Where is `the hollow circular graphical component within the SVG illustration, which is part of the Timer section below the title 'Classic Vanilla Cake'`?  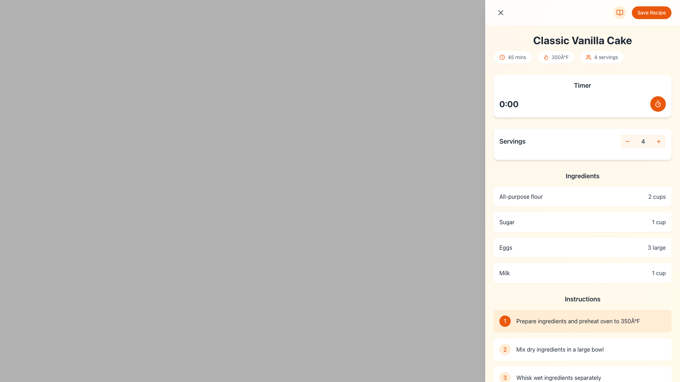
the hollow circular graphical component within the SVG illustration, which is part of the Timer section below the title 'Classic Vanilla Cake' is located at coordinates (501, 57).